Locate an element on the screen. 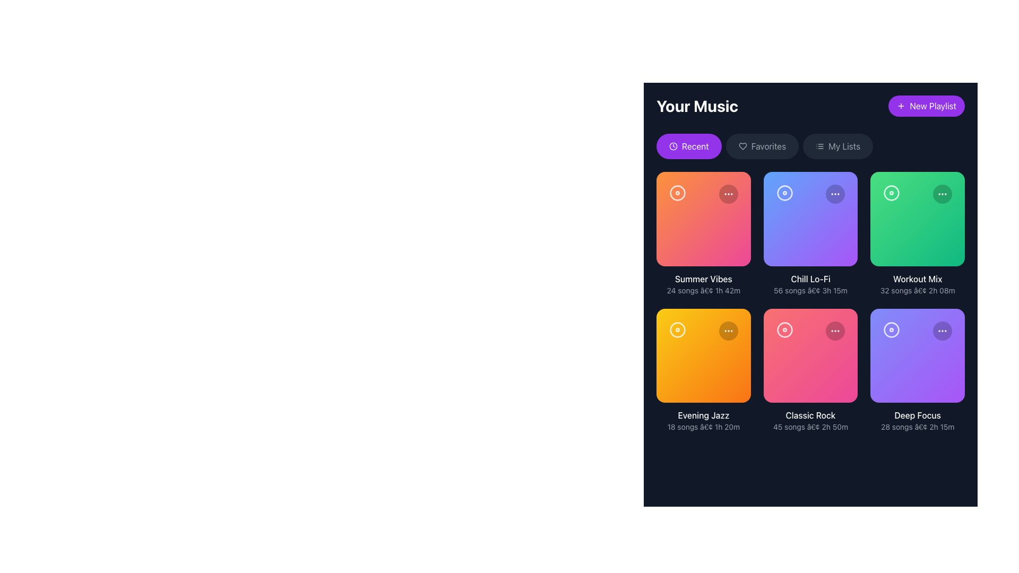 The image size is (1019, 573). the small circular clock icon located to the left of the 'Recent' button in the header section of the playlist view is located at coordinates (672, 146).